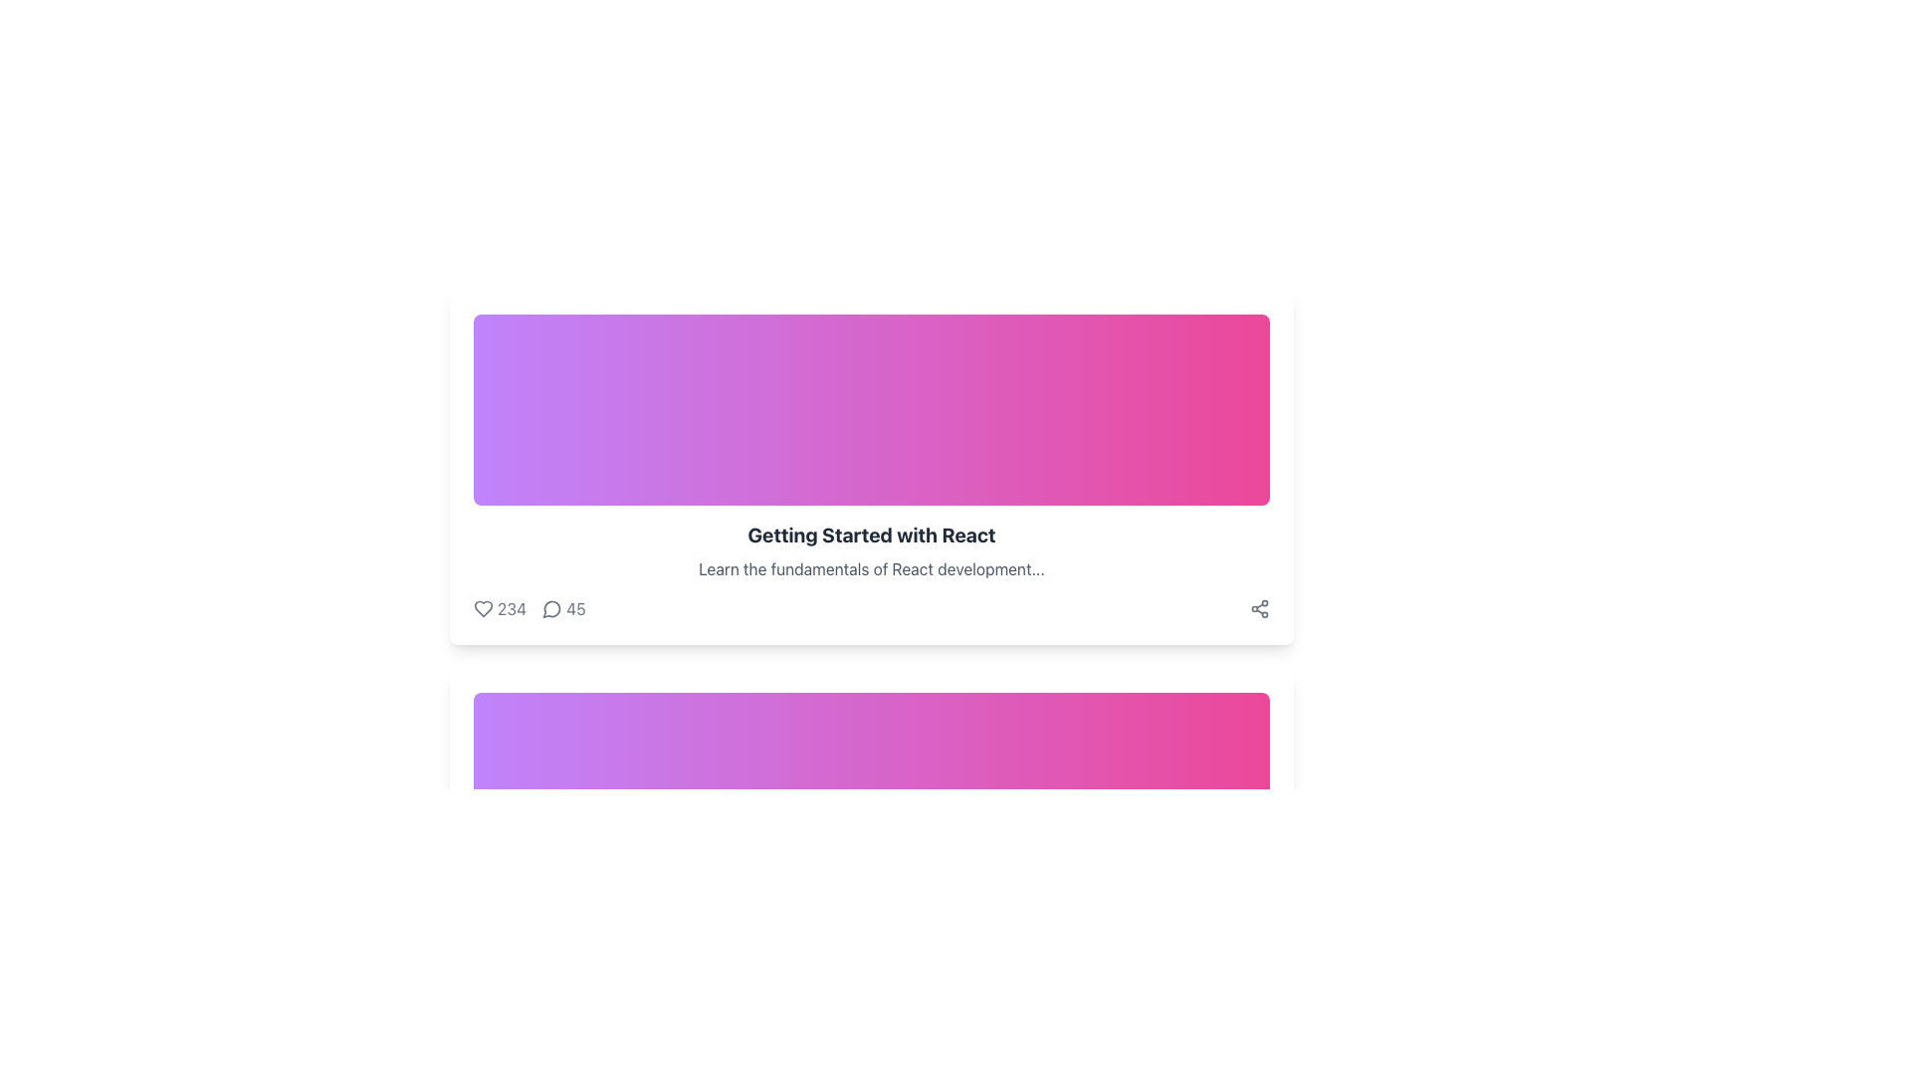  Describe the element at coordinates (574, 608) in the screenshot. I see `number displayed next to the speech bubble icon at the bottom-left of the card component` at that location.